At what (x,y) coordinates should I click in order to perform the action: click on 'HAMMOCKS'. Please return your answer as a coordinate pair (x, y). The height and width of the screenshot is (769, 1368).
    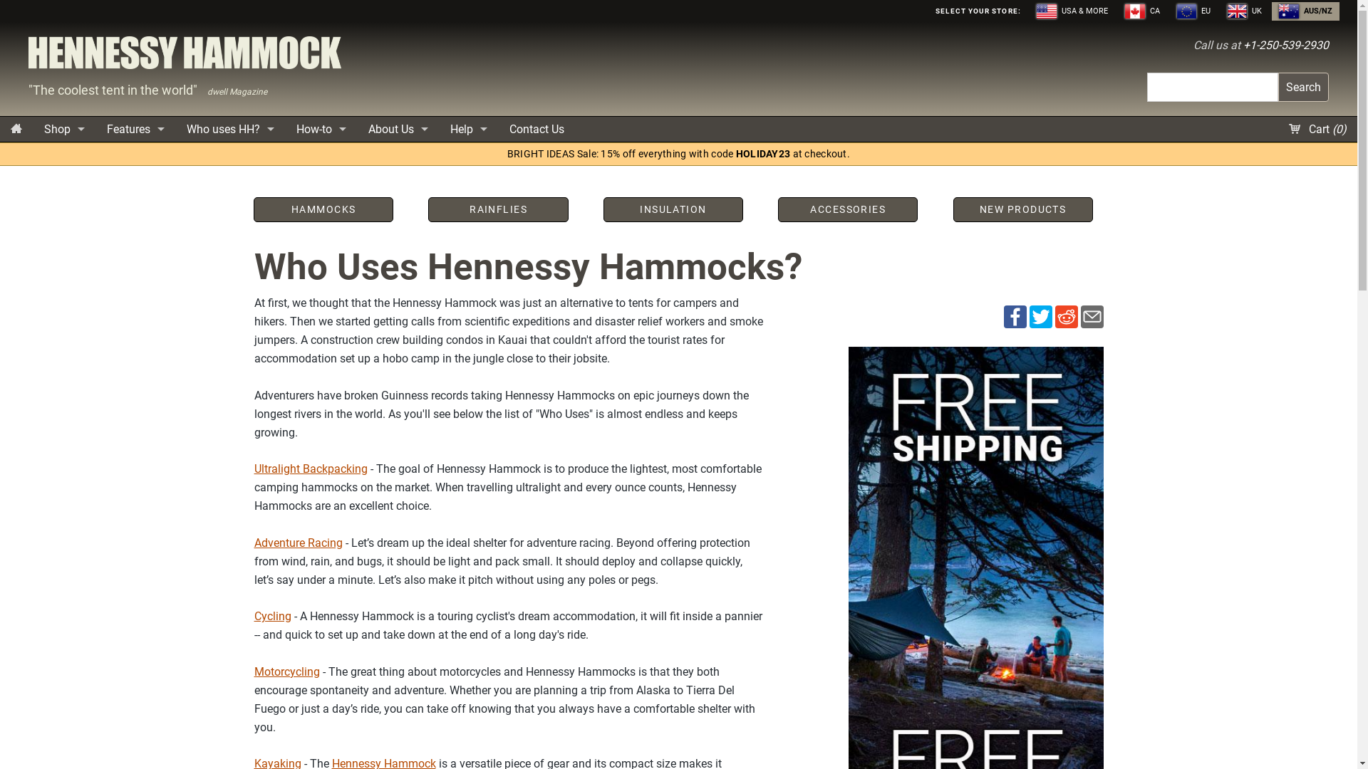
    Looking at the image, I should click on (323, 209).